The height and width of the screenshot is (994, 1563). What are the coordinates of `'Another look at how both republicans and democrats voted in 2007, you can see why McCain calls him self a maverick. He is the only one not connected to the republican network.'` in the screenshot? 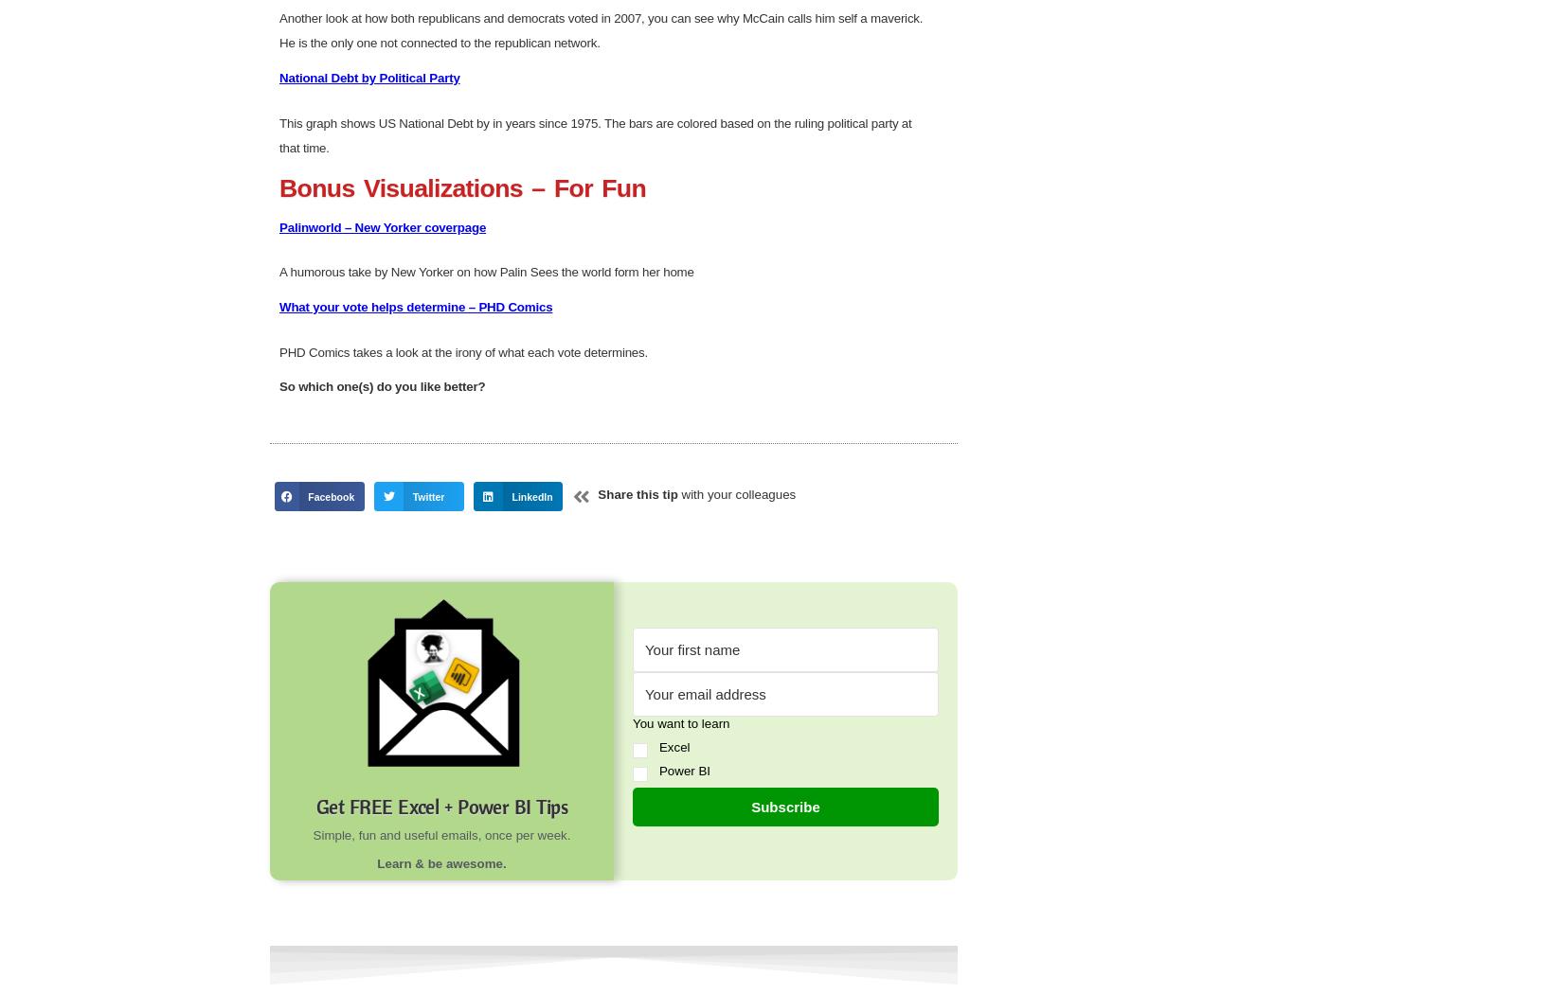 It's located at (600, 678).